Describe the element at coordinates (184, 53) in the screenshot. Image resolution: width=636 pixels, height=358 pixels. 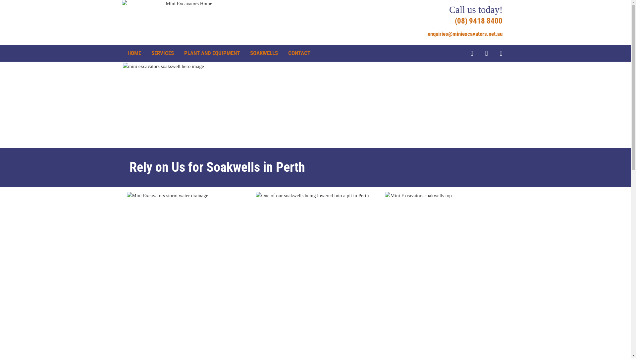
I see `'PLANT AND EQUIPMENT'` at that location.